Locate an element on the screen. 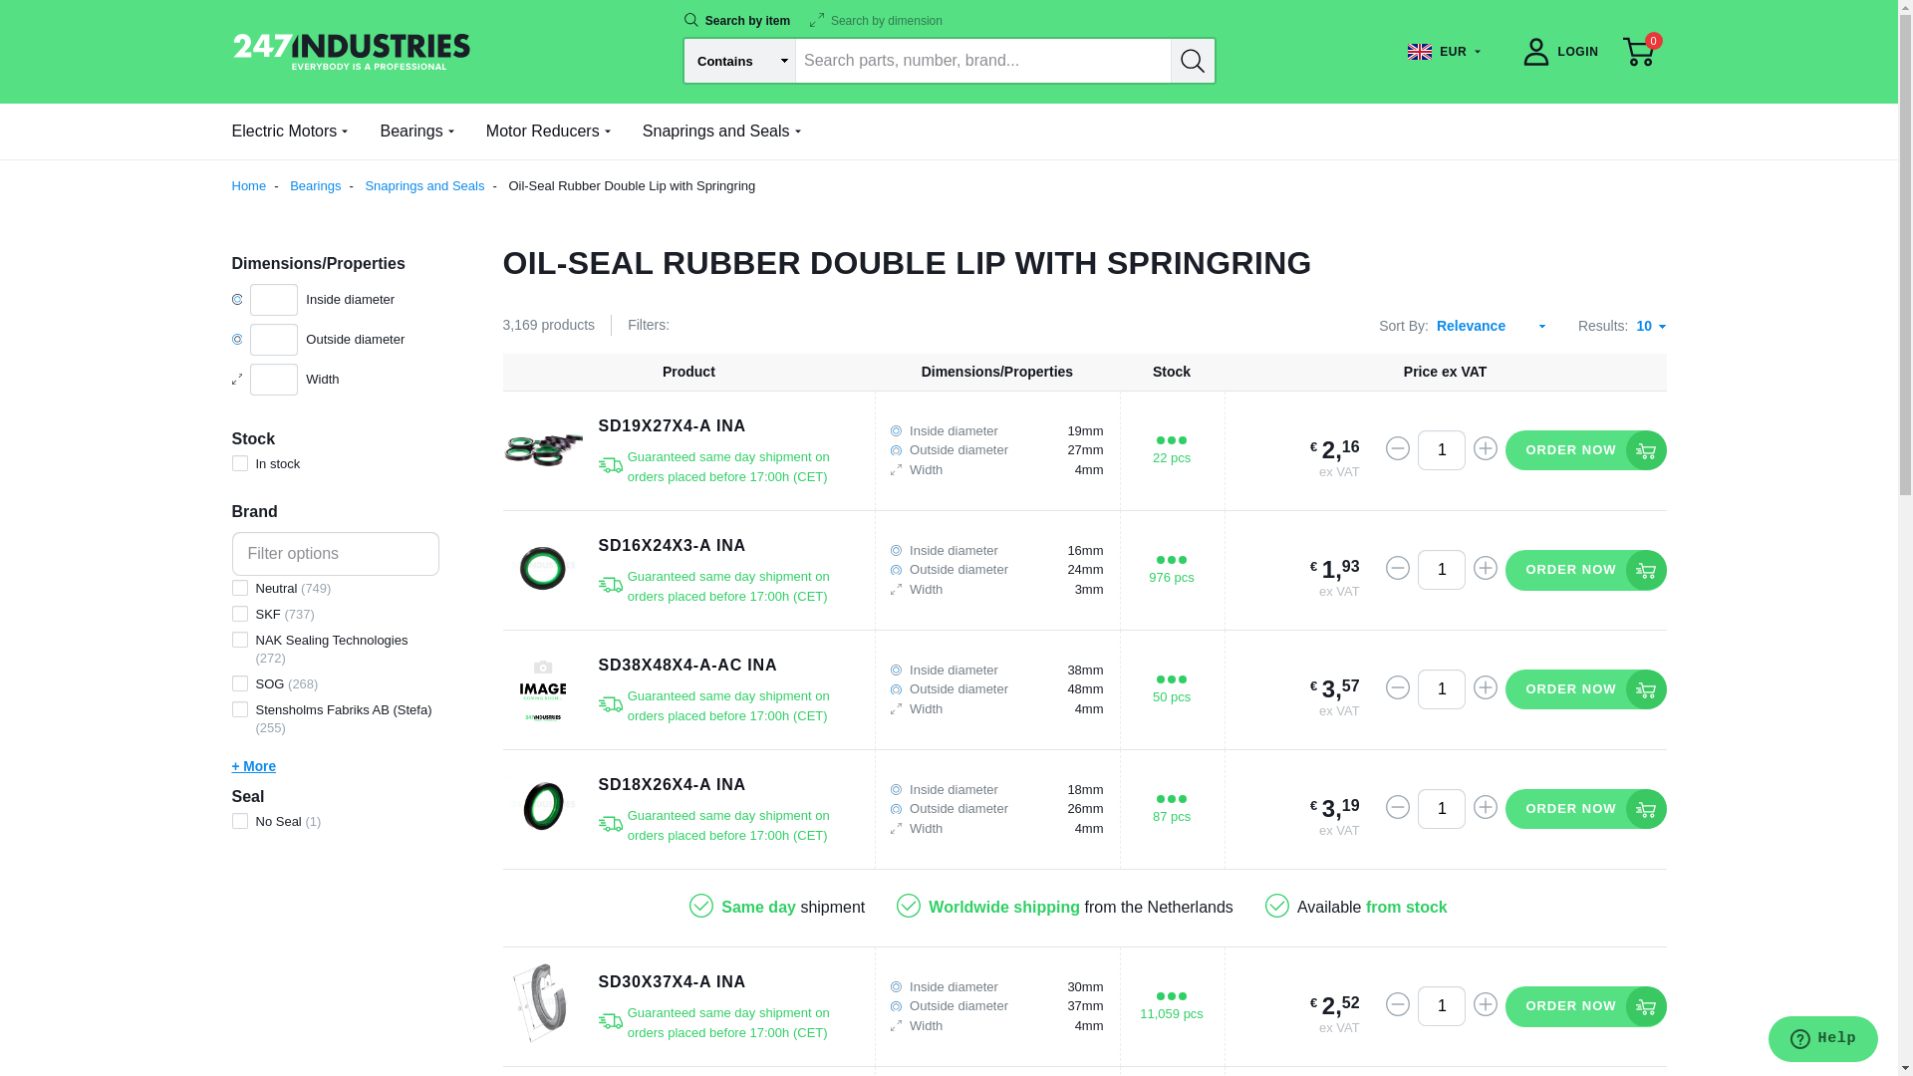 Image resolution: width=1913 pixels, height=1076 pixels. 'LOGIN' is located at coordinates (1557, 50).